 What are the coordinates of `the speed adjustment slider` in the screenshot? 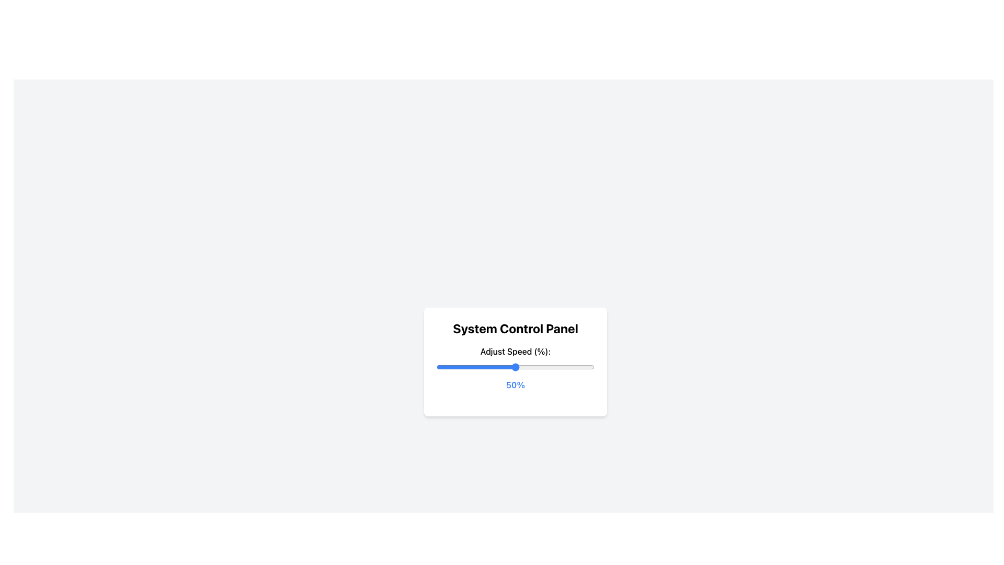 It's located at (551, 367).